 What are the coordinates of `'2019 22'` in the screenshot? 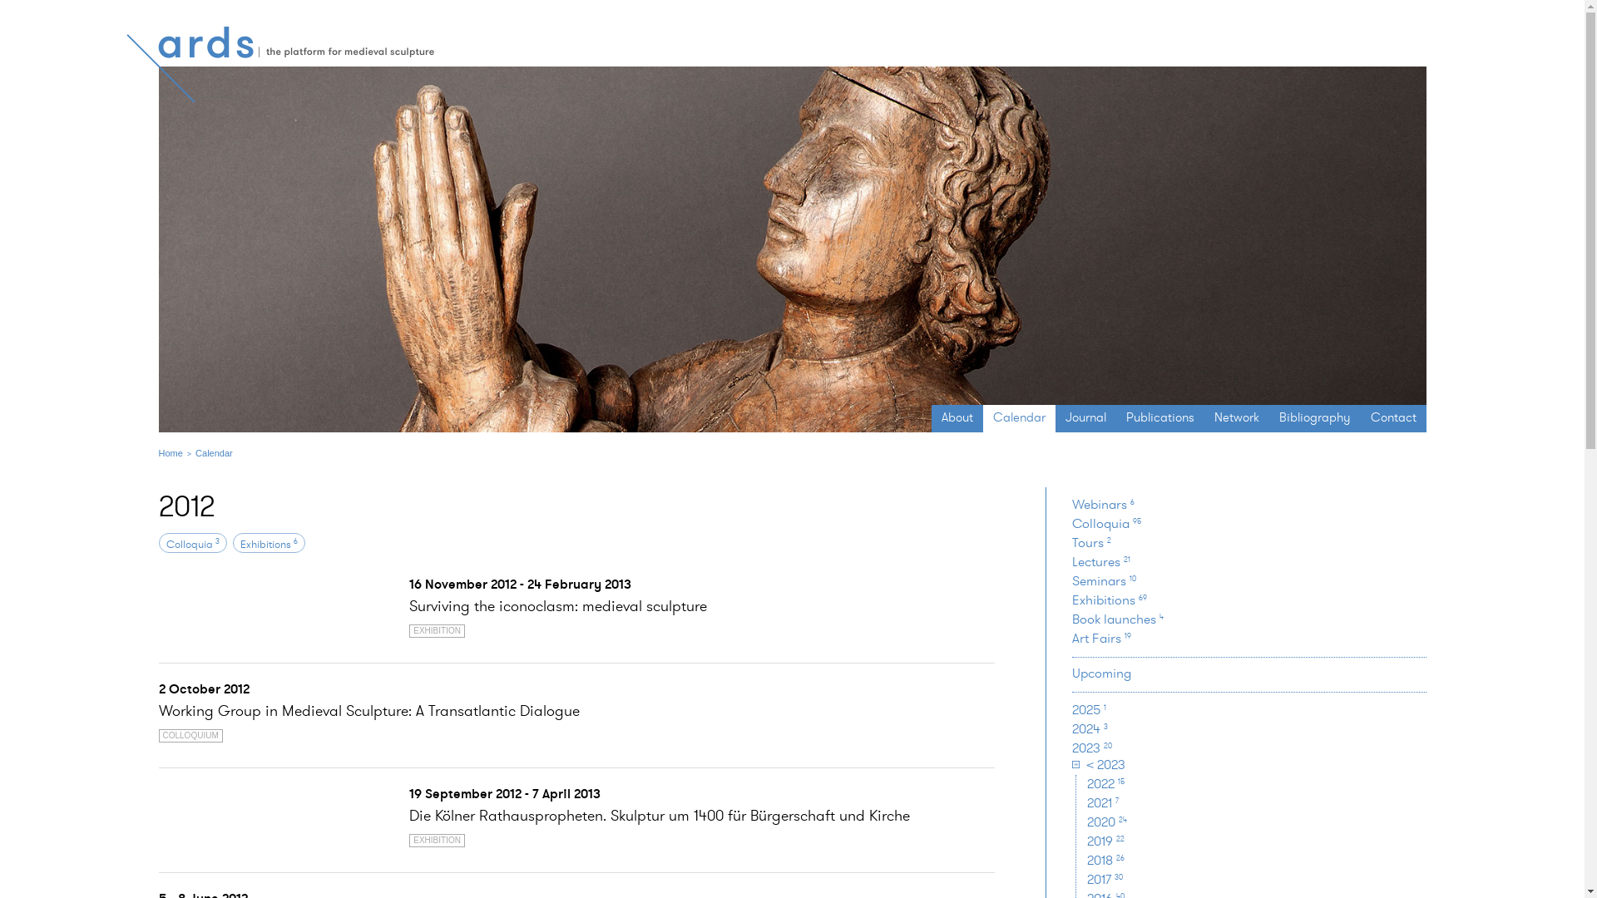 It's located at (1105, 841).